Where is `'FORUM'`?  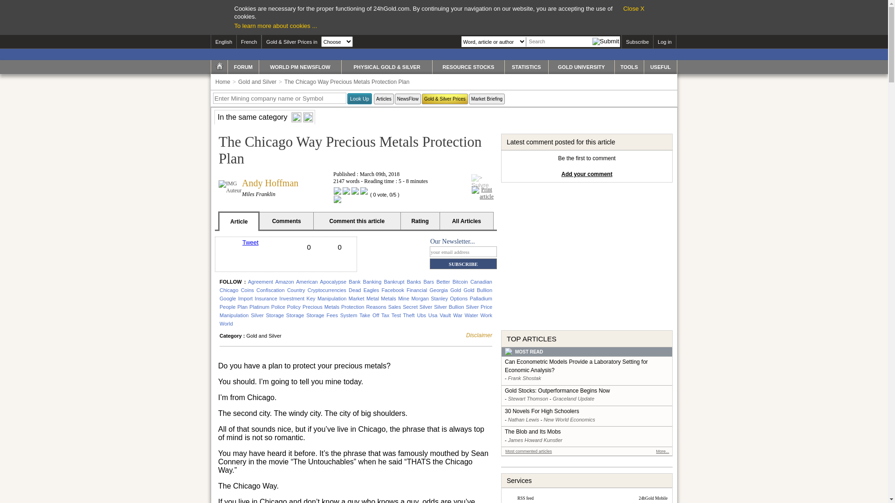 'FORUM' is located at coordinates (228, 66).